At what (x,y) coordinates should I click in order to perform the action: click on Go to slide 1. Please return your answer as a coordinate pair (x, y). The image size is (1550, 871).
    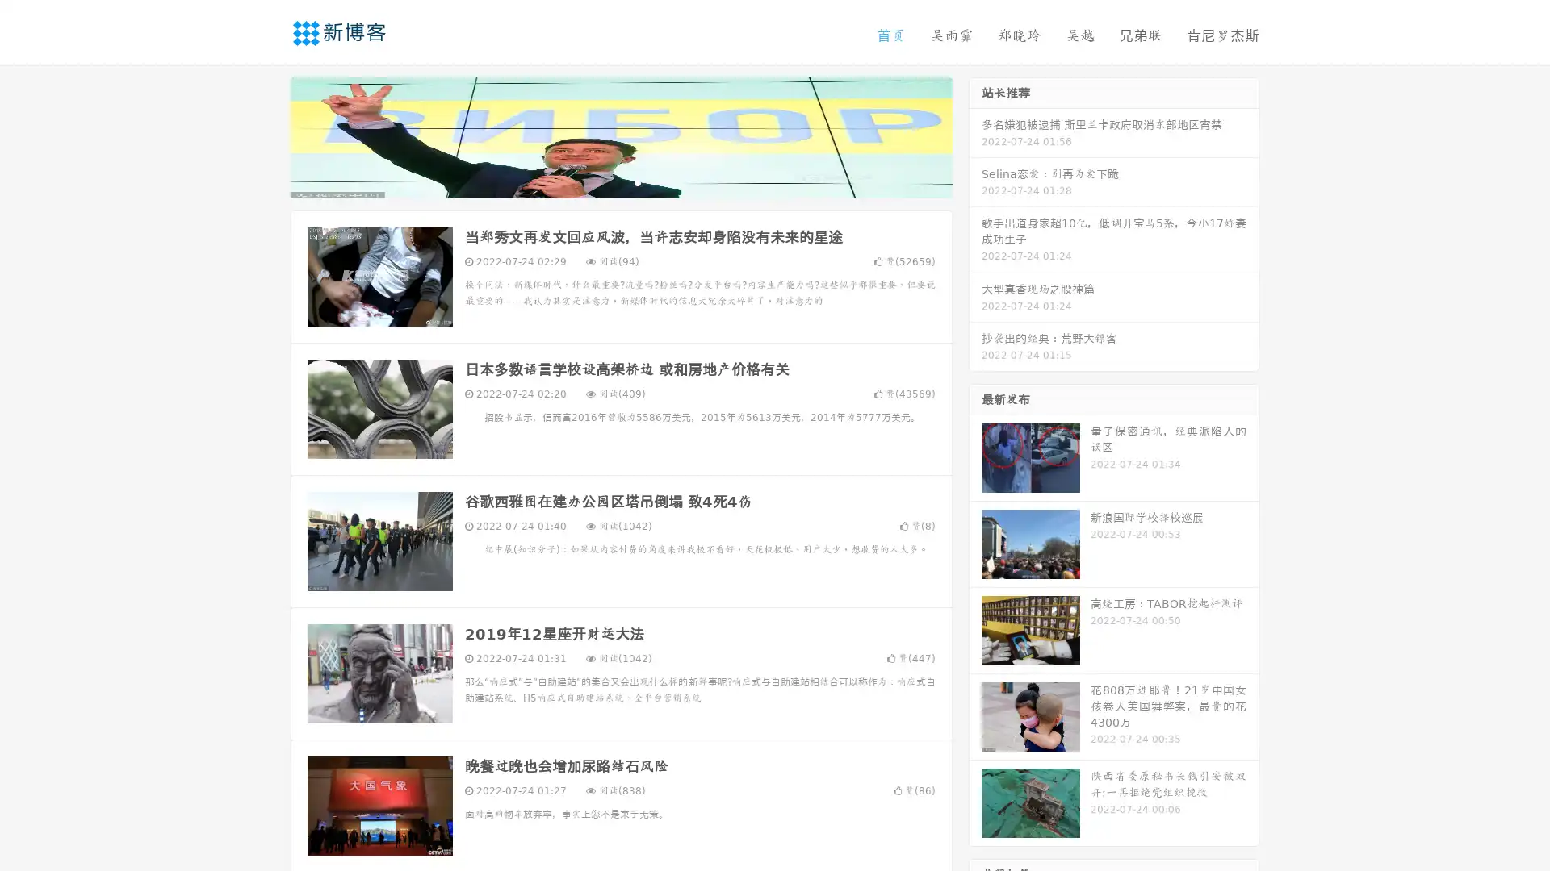
    Looking at the image, I should click on (604, 181).